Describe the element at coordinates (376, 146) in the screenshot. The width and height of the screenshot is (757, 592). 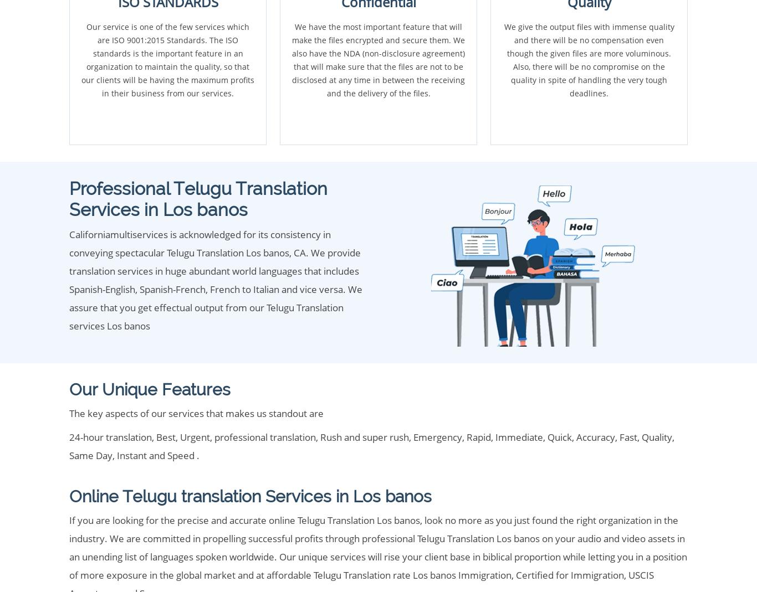
I see `'From the vast global locations, we have registered our strong presence in various parts of the world including the major locations that are listed below'` at that location.